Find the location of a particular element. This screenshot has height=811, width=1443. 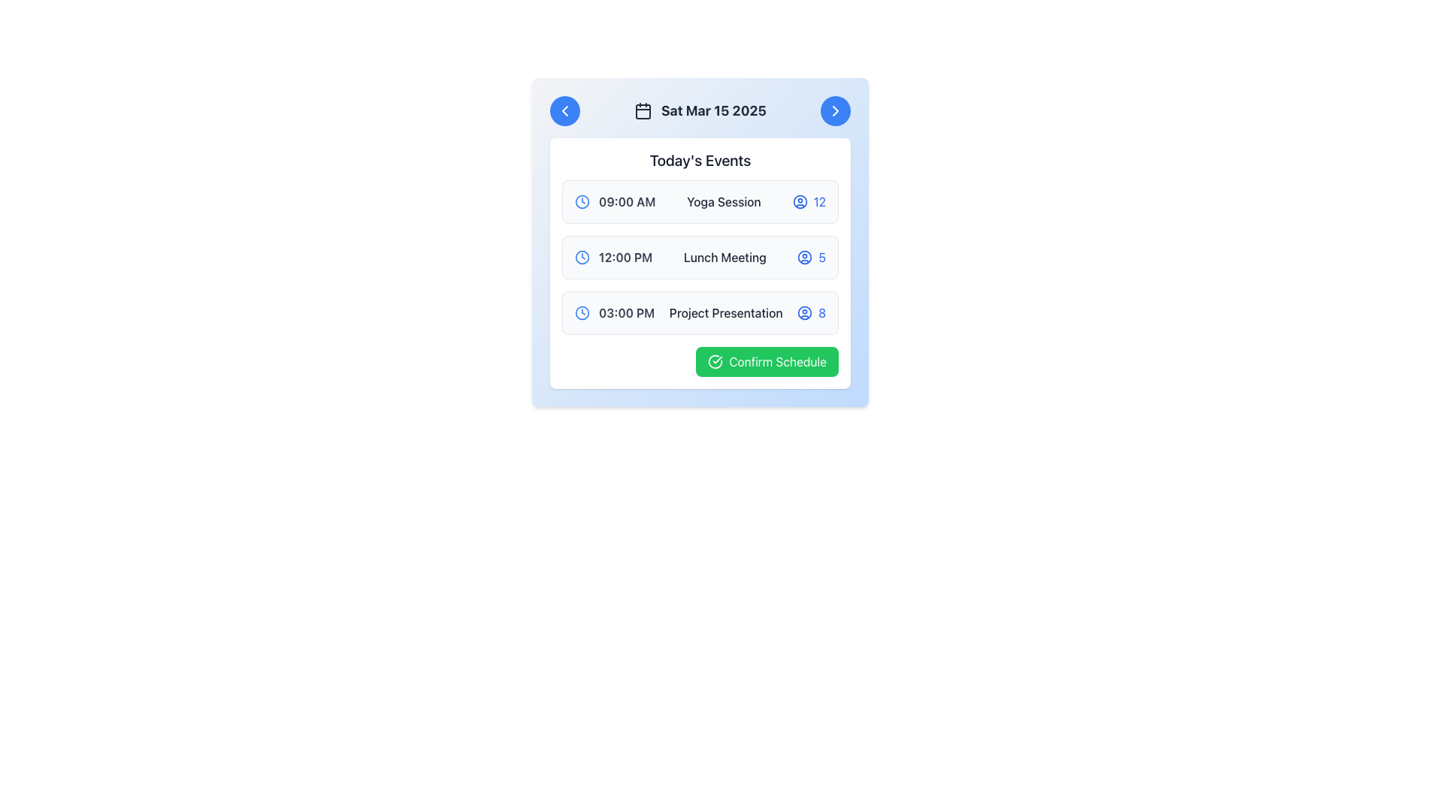

the text indicating the scheduled time for an event, located in the second row of the schedule list, next to a blue clock icon is located at coordinates (625, 257).